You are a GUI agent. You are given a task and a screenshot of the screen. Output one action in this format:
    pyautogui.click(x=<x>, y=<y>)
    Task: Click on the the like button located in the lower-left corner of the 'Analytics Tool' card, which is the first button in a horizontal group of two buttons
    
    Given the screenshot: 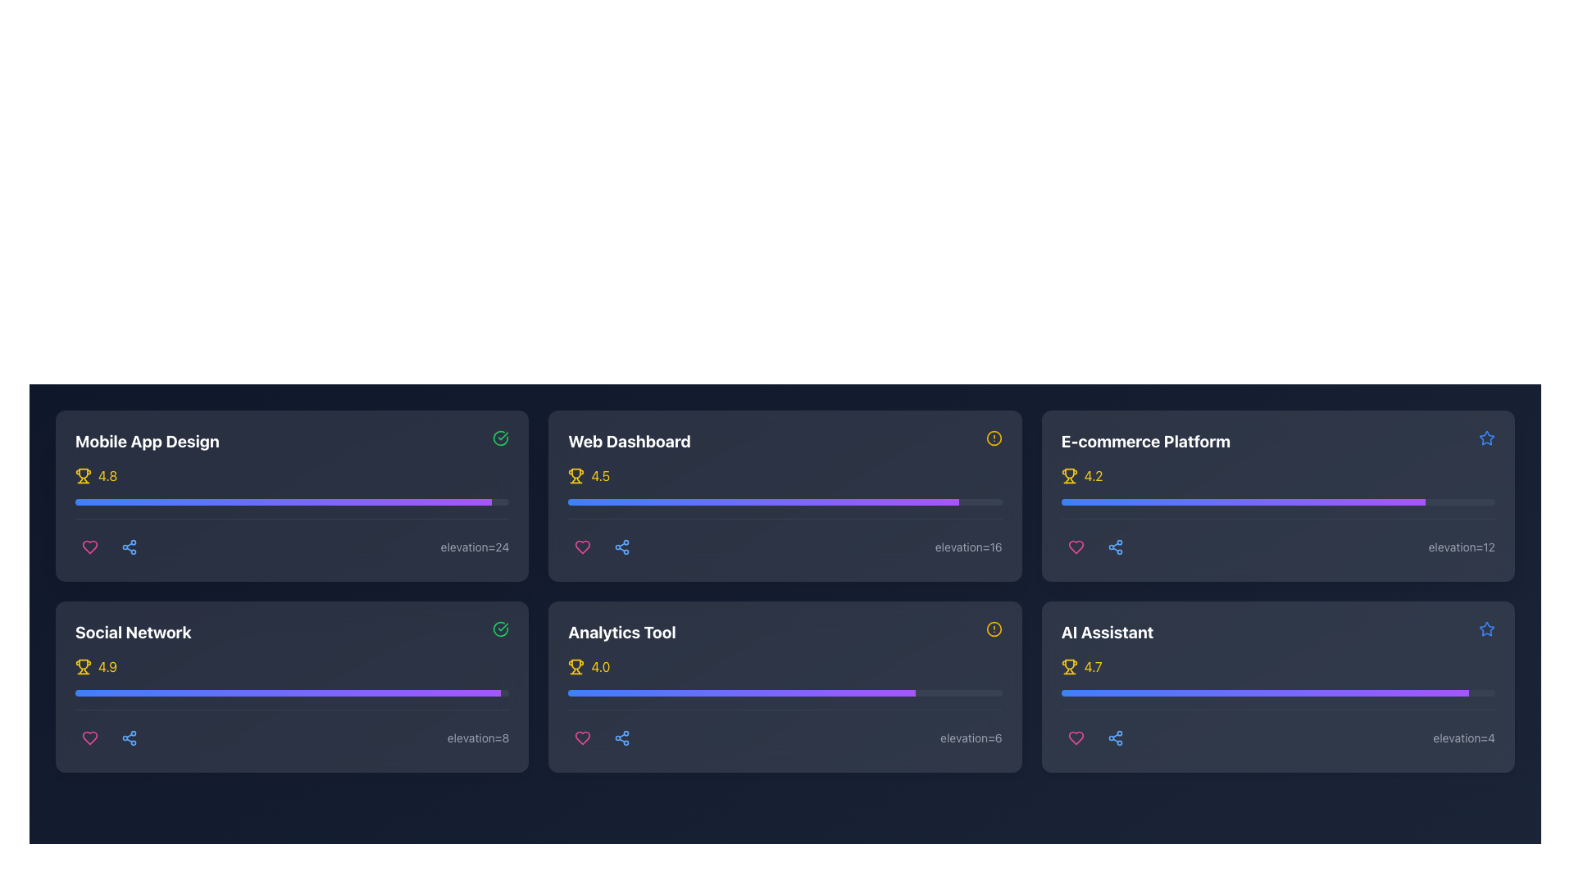 What is the action you would take?
    pyautogui.click(x=583, y=738)
    